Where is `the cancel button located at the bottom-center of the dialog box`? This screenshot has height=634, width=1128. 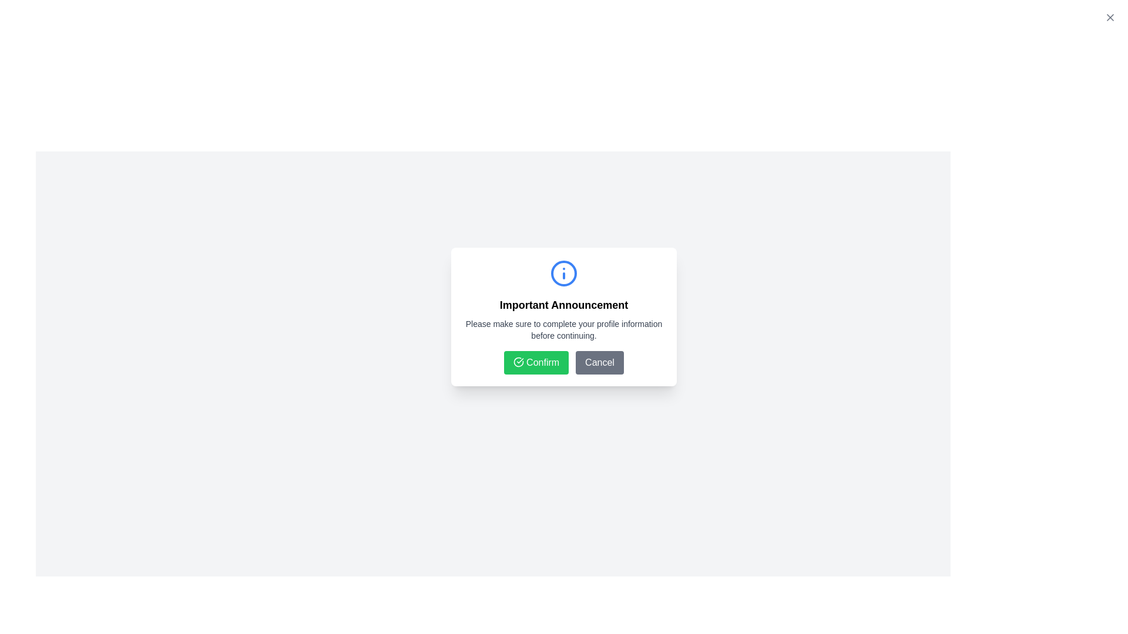
the cancel button located at the bottom-center of the dialog box is located at coordinates (600, 362).